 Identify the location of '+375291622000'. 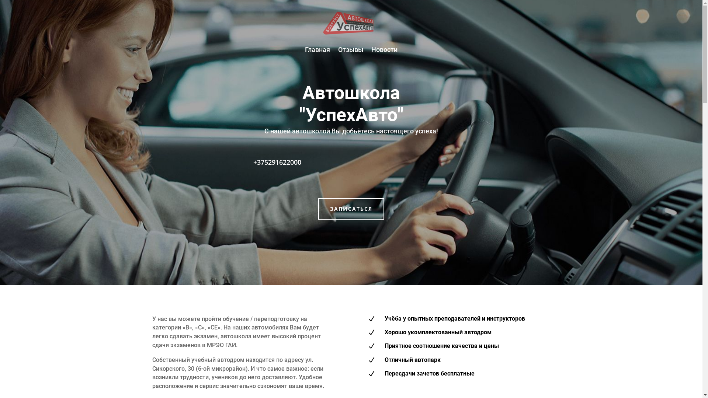
(277, 161).